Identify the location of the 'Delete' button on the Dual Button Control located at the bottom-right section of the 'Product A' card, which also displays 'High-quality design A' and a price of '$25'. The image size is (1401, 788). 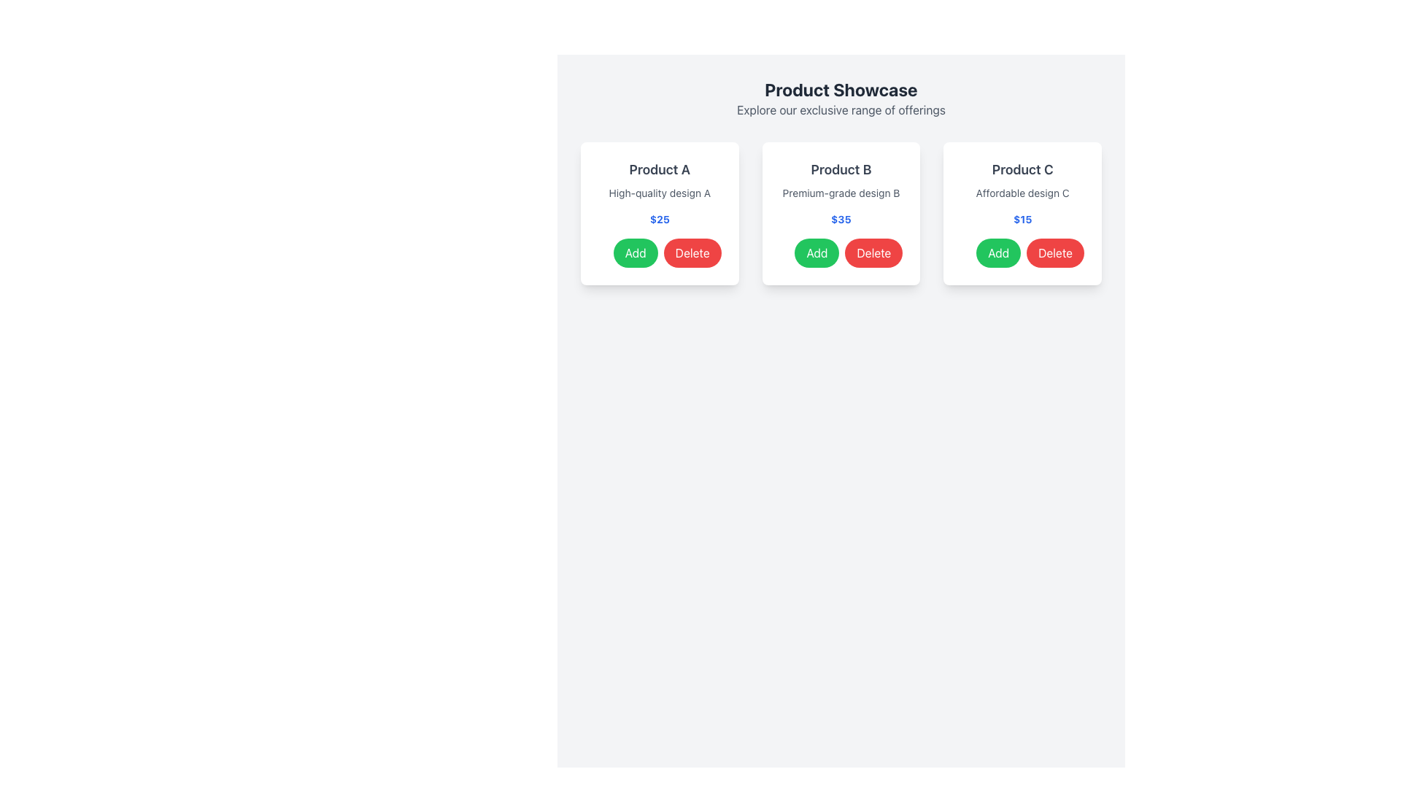
(658, 252).